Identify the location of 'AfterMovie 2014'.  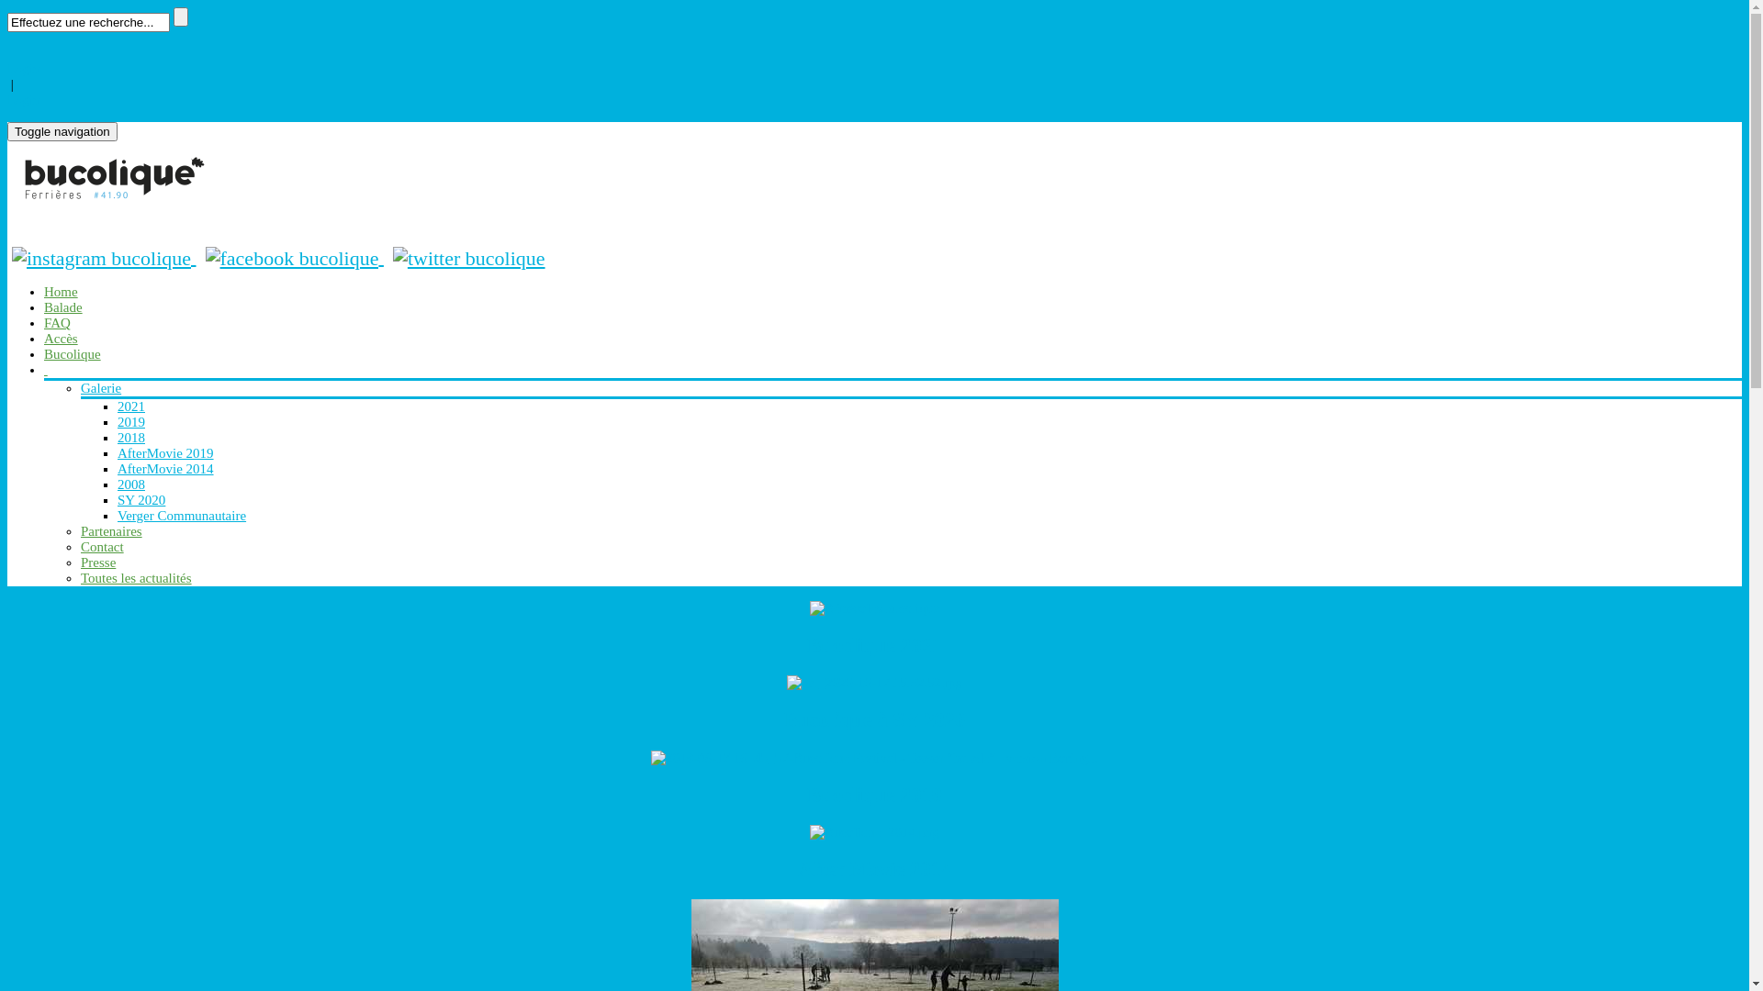
(165, 467).